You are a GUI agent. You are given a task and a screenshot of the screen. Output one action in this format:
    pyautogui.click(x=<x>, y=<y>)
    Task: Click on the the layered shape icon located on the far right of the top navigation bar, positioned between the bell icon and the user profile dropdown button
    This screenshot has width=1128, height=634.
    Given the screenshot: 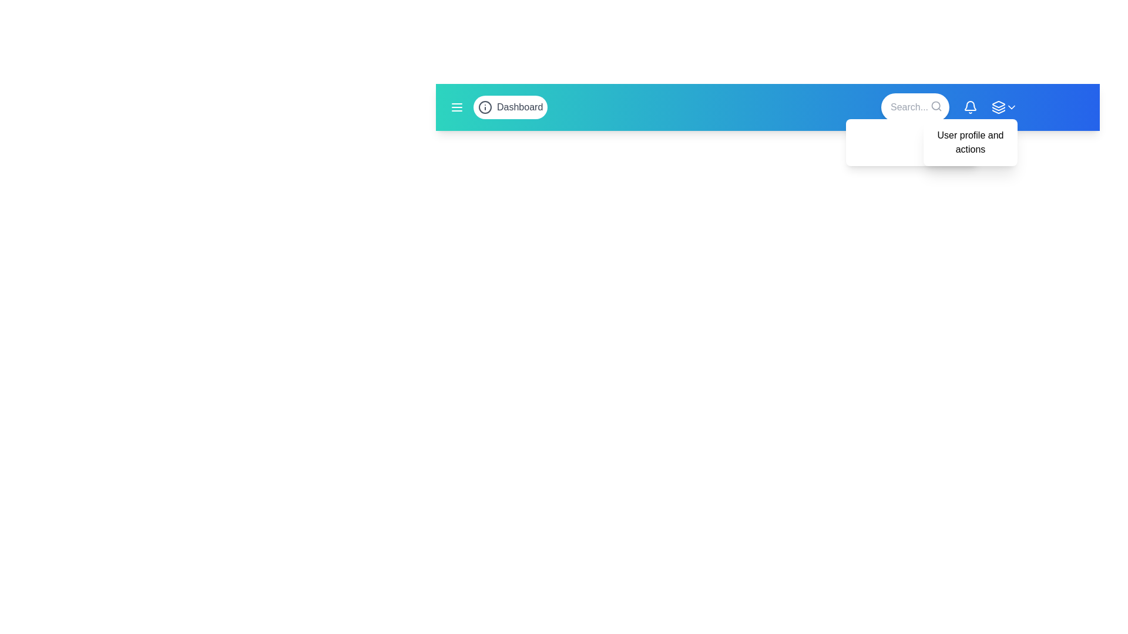 What is the action you would take?
    pyautogui.click(x=998, y=103)
    